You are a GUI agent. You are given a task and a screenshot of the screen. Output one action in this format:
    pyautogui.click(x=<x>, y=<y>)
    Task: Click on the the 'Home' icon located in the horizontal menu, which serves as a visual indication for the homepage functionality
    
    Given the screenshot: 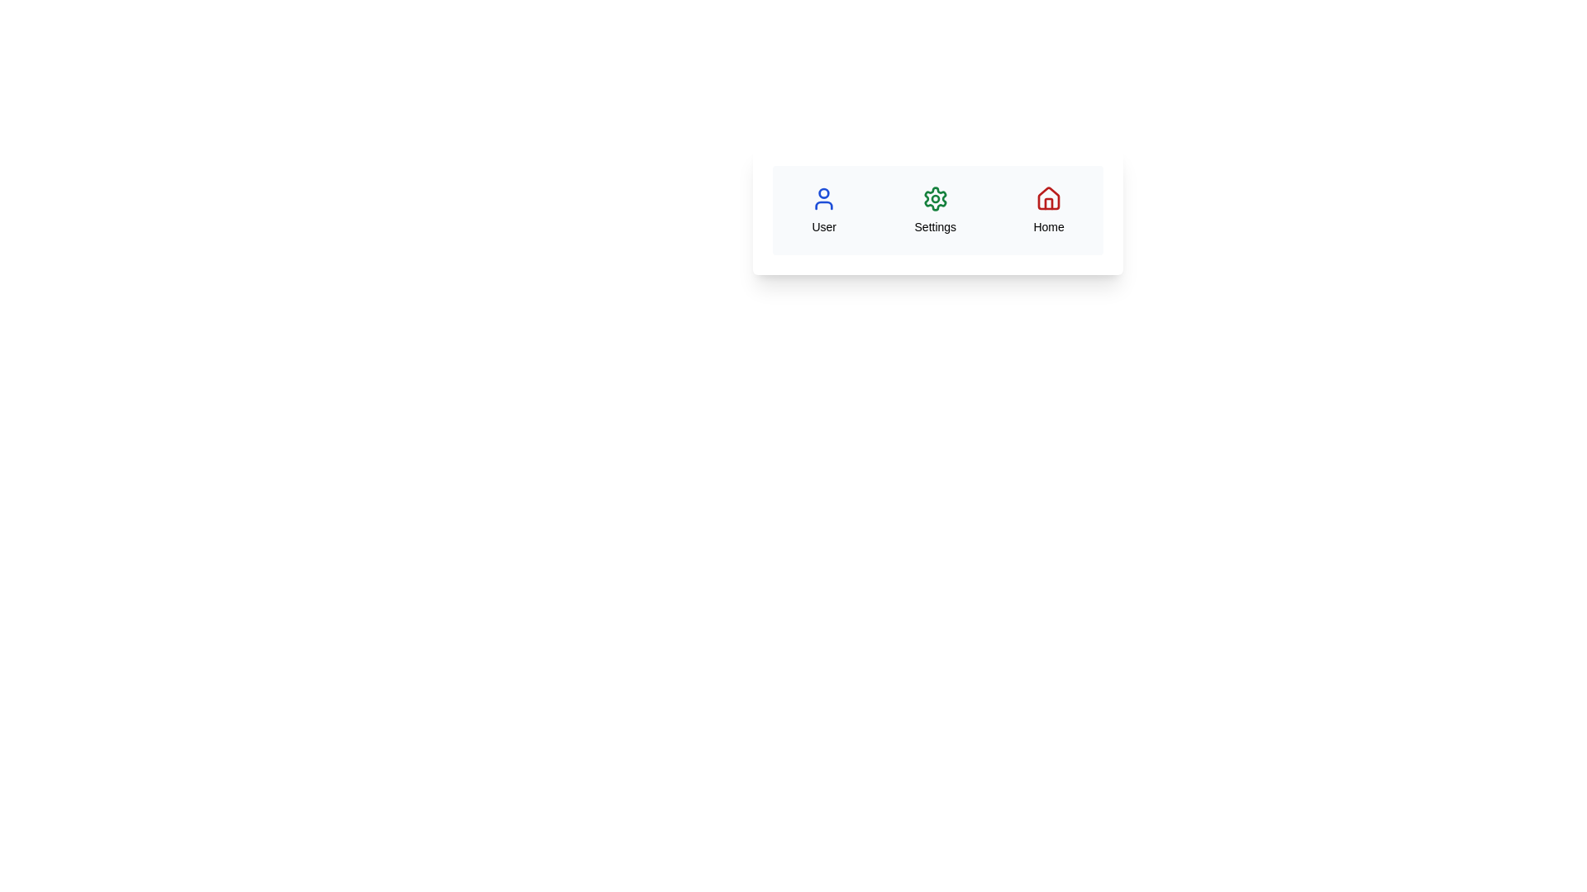 What is the action you would take?
    pyautogui.click(x=1048, y=197)
    